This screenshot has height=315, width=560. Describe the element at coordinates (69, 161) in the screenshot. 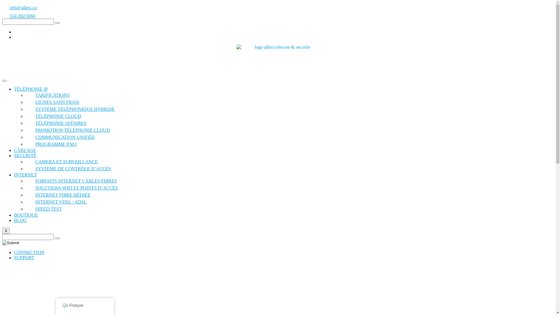

I see `'CAMERA ET SURVEILLANCE'` at that location.